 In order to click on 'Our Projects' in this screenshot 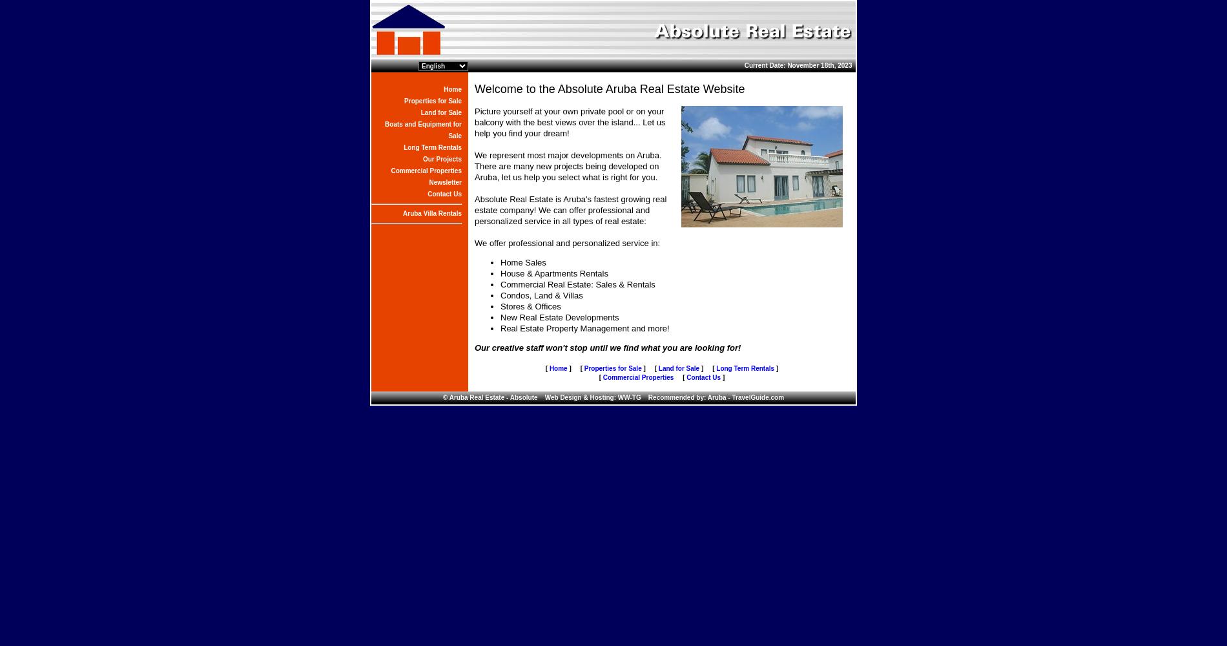, I will do `click(442, 158)`.